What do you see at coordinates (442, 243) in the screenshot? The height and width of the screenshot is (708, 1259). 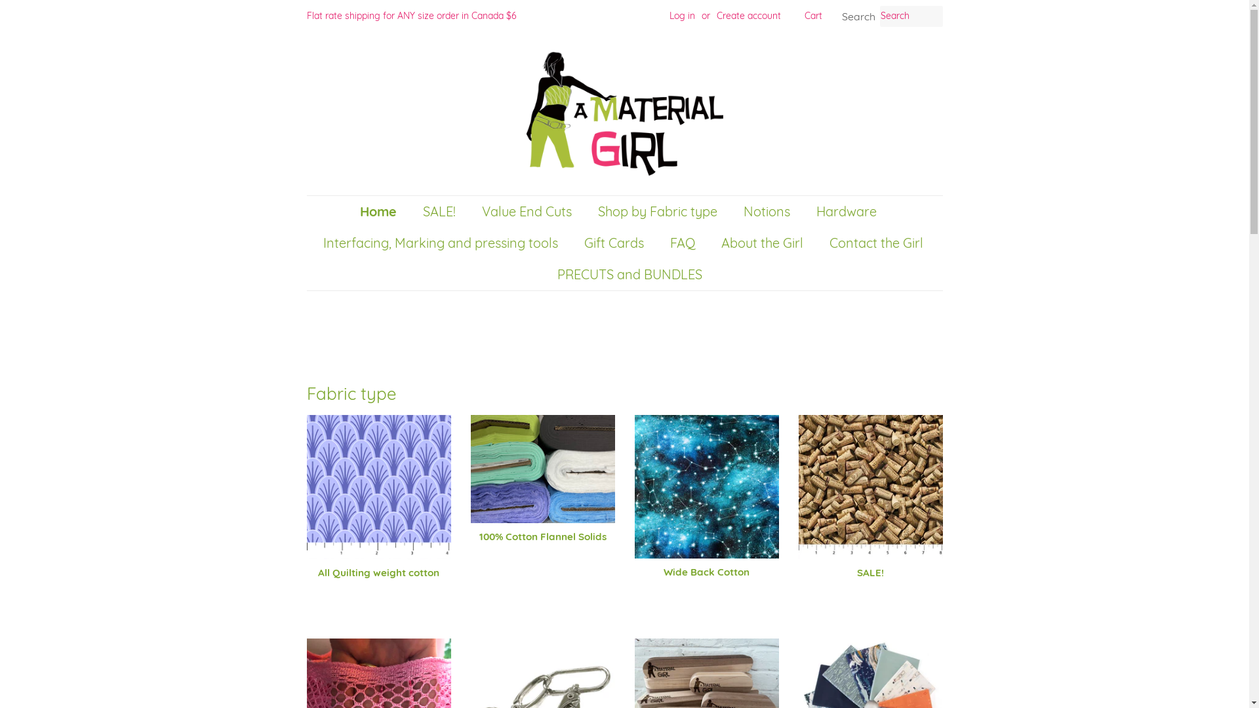 I see `'Interfacing, Marking and pressing tools'` at bounding box center [442, 243].